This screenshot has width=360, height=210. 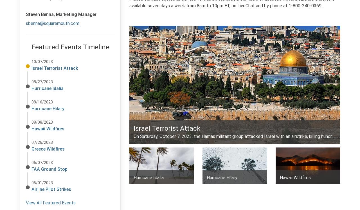 I want to click on '08/27/2023', so click(x=42, y=82).